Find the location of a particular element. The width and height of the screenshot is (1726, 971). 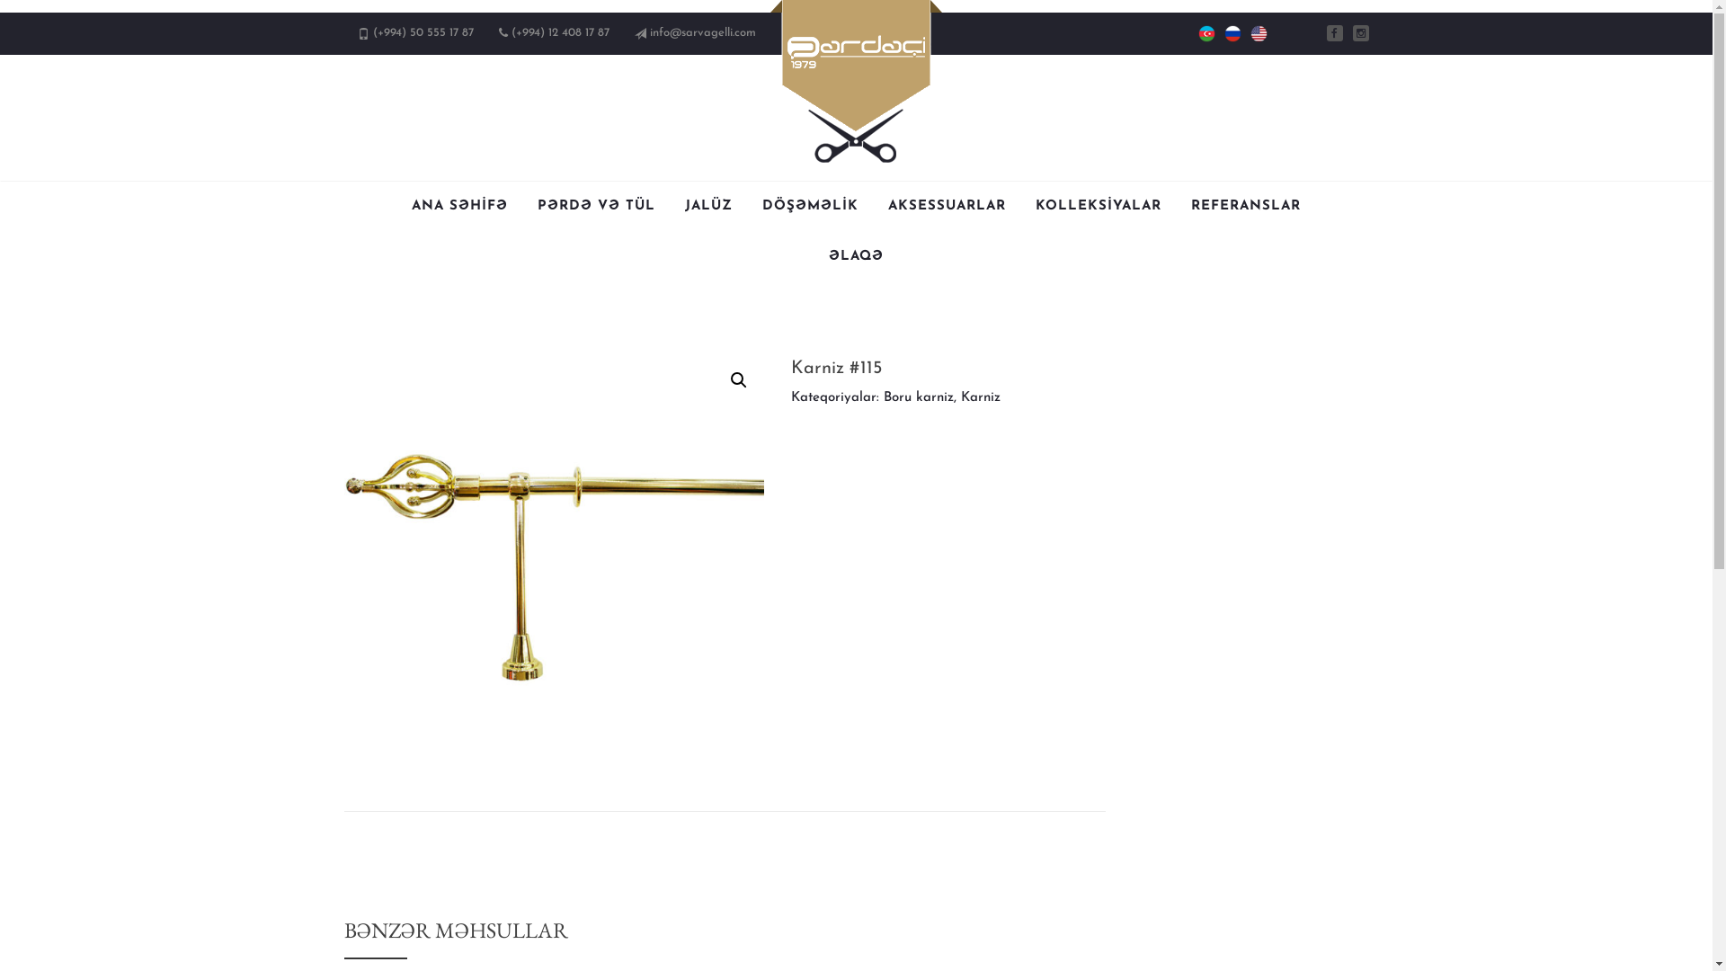

'renso (16)' is located at coordinates (552, 564).